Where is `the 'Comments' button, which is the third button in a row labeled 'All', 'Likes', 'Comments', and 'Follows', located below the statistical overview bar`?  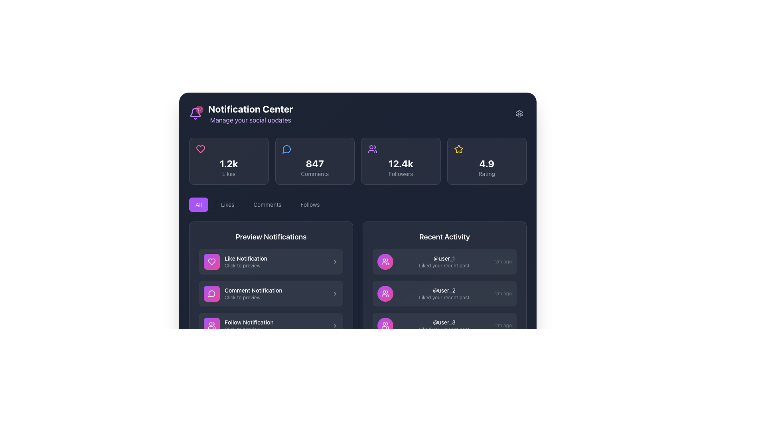
the 'Comments' button, which is the third button in a row labeled 'All', 'Likes', 'Comments', and 'Follows', located below the statistical overview bar is located at coordinates (267, 204).